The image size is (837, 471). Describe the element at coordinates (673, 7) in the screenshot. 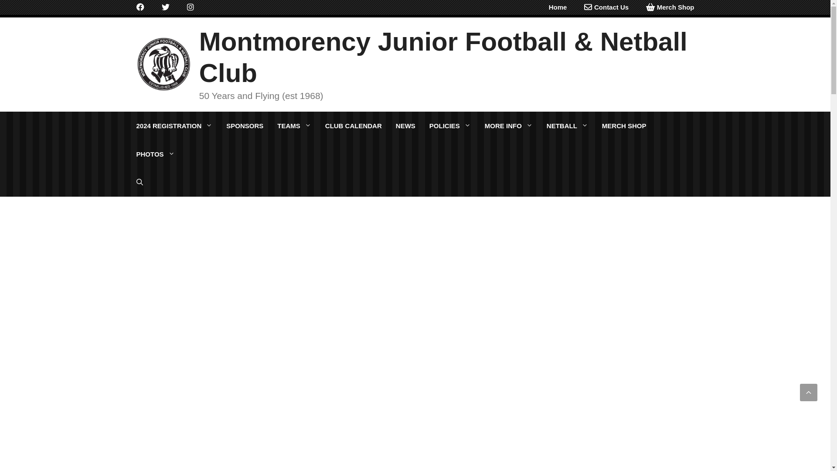

I see `'Merch Shop'` at that location.